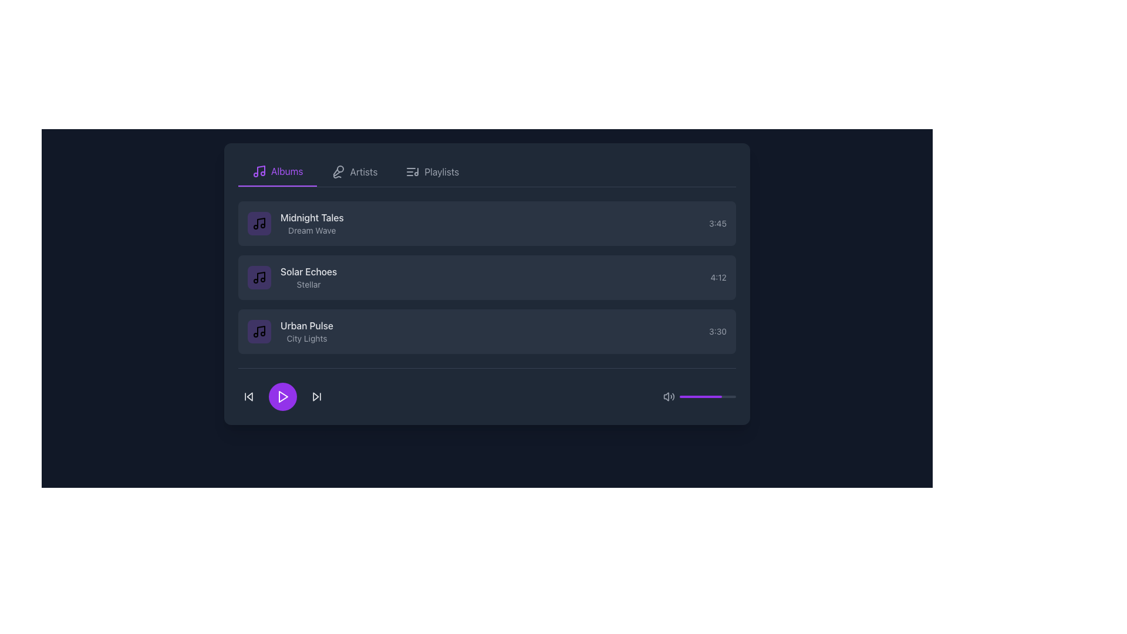 The image size is (1127, 634). Describe the element at coordinates (248, 396) in the screenshot. I see `the unique icon button located in the bottom-left section of the interface` at that location.